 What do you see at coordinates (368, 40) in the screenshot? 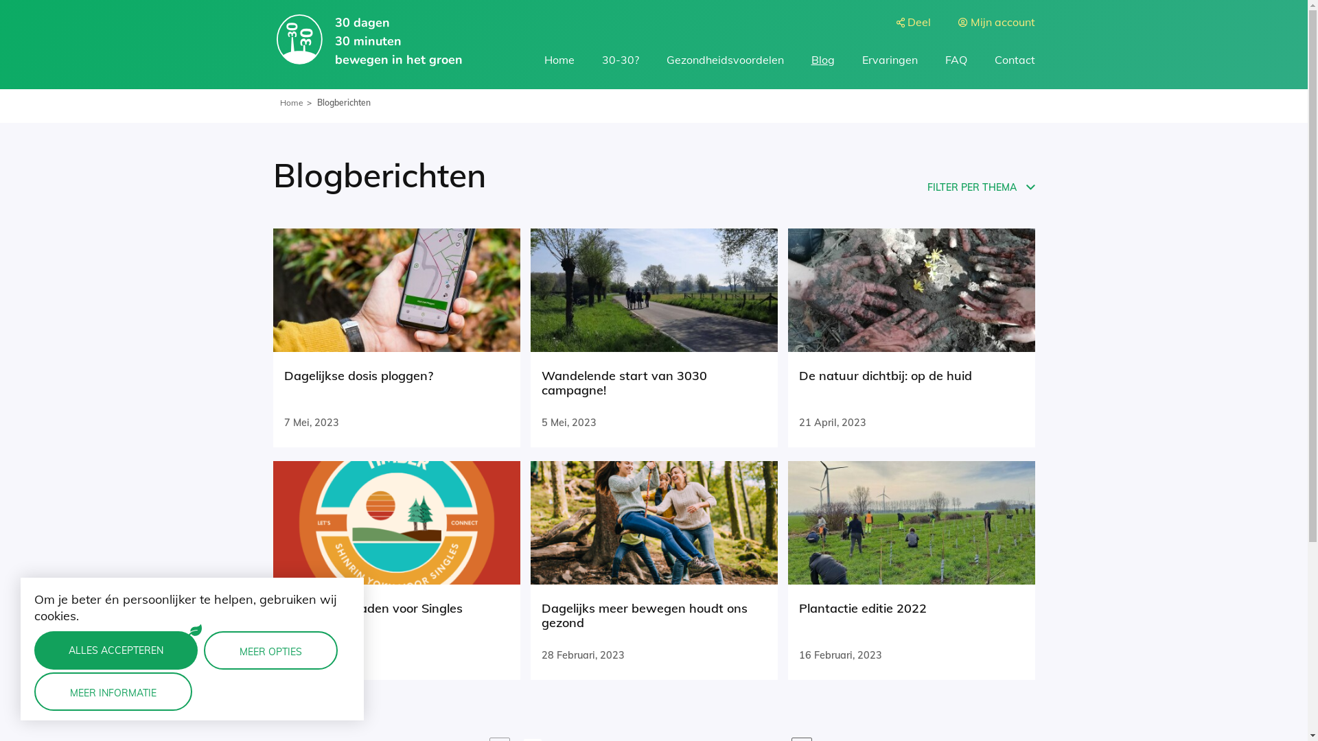
I see `'30 dagen` at bounding box center [368, 40].